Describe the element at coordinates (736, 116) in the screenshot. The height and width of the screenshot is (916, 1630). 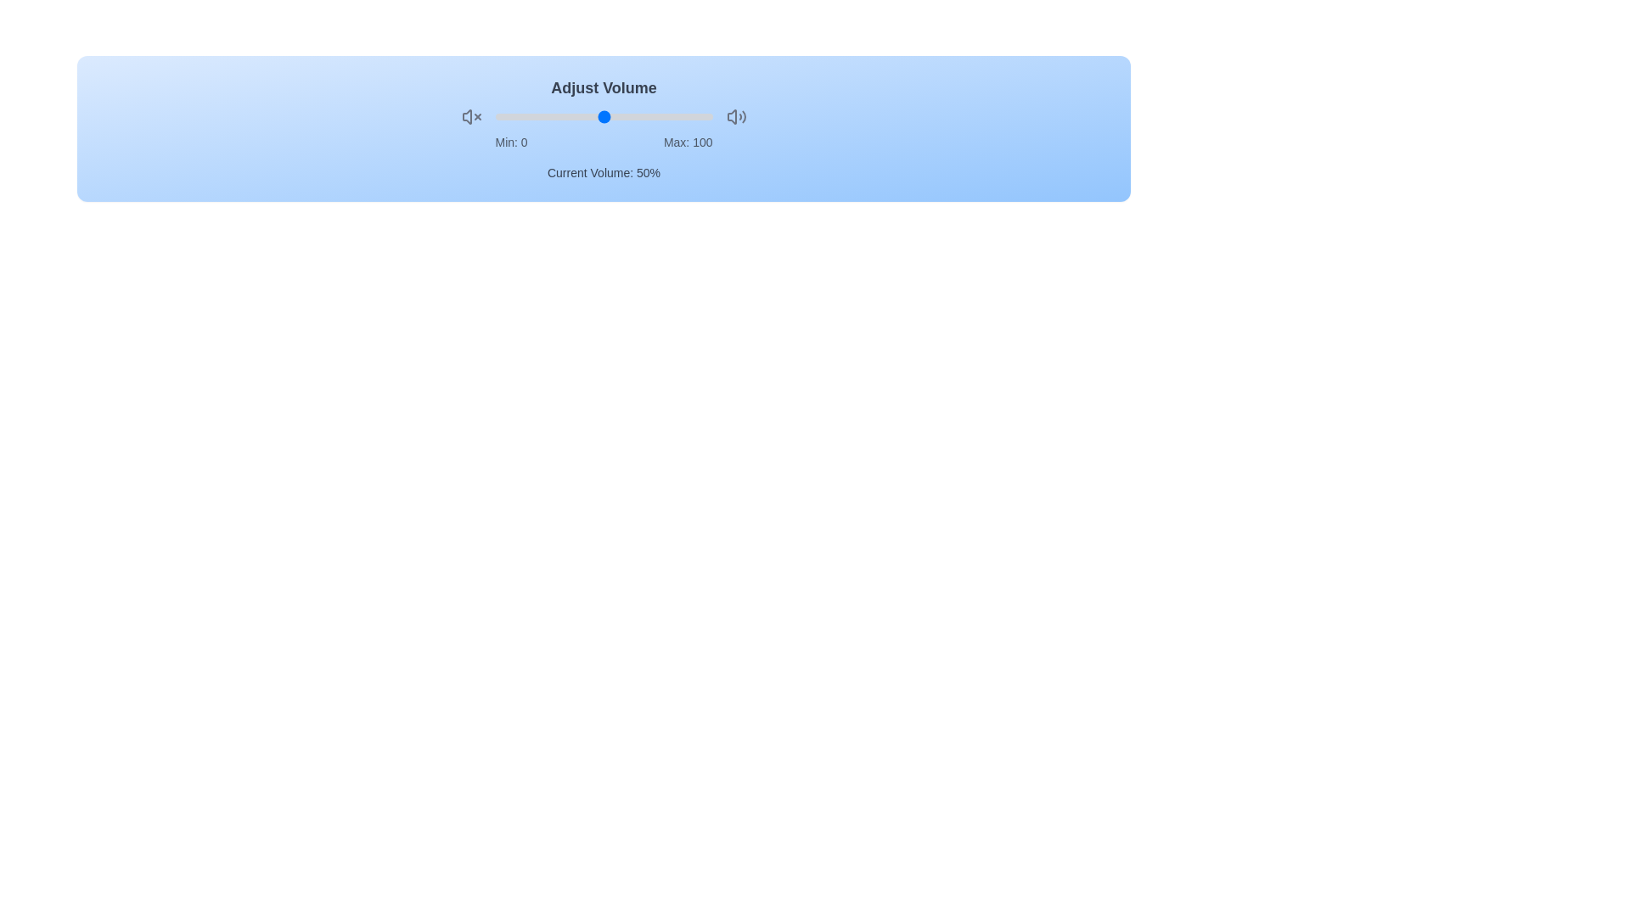
I see `the maximum icon to interact with the volume control` at that location.